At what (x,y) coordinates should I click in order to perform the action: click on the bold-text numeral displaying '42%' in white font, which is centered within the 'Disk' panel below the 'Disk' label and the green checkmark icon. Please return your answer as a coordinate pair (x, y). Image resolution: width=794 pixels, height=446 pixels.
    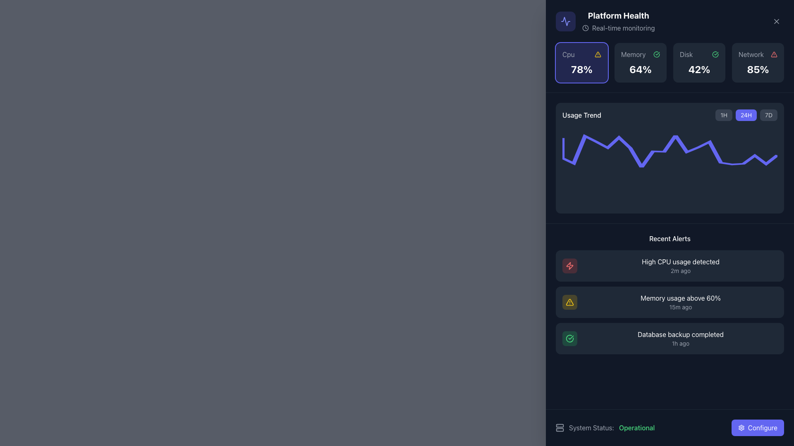
    Looking at the image, I should click on (698, 69).